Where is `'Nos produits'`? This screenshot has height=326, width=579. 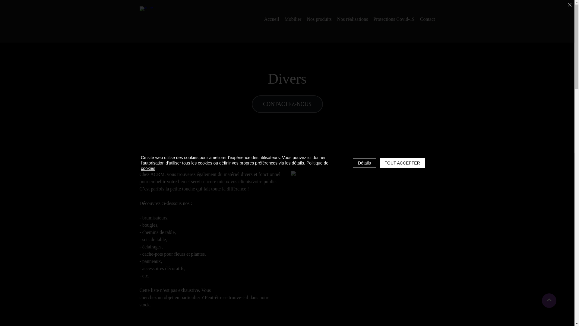
'Nos produits' is located at coordinates (318, 19).